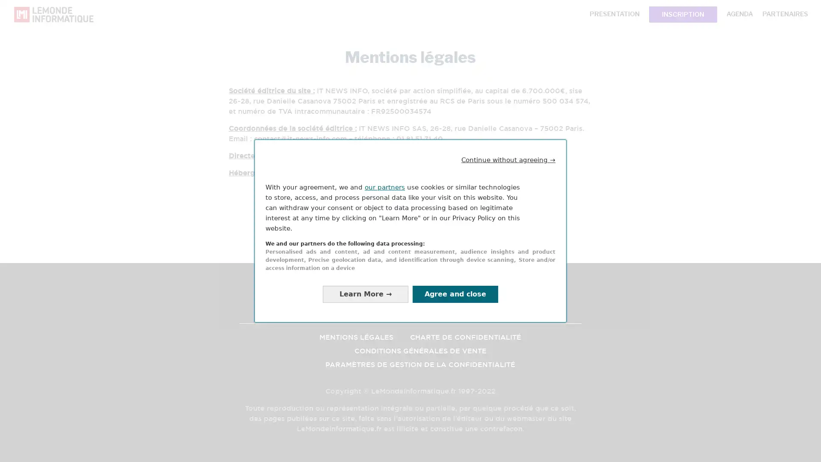 Image resolution: width=821 pixels, height=462 pixels. What do you see at coordinates (508, 160) in the screenshot?
I see `Continue without agreeing` at bounding box center [508, 160].